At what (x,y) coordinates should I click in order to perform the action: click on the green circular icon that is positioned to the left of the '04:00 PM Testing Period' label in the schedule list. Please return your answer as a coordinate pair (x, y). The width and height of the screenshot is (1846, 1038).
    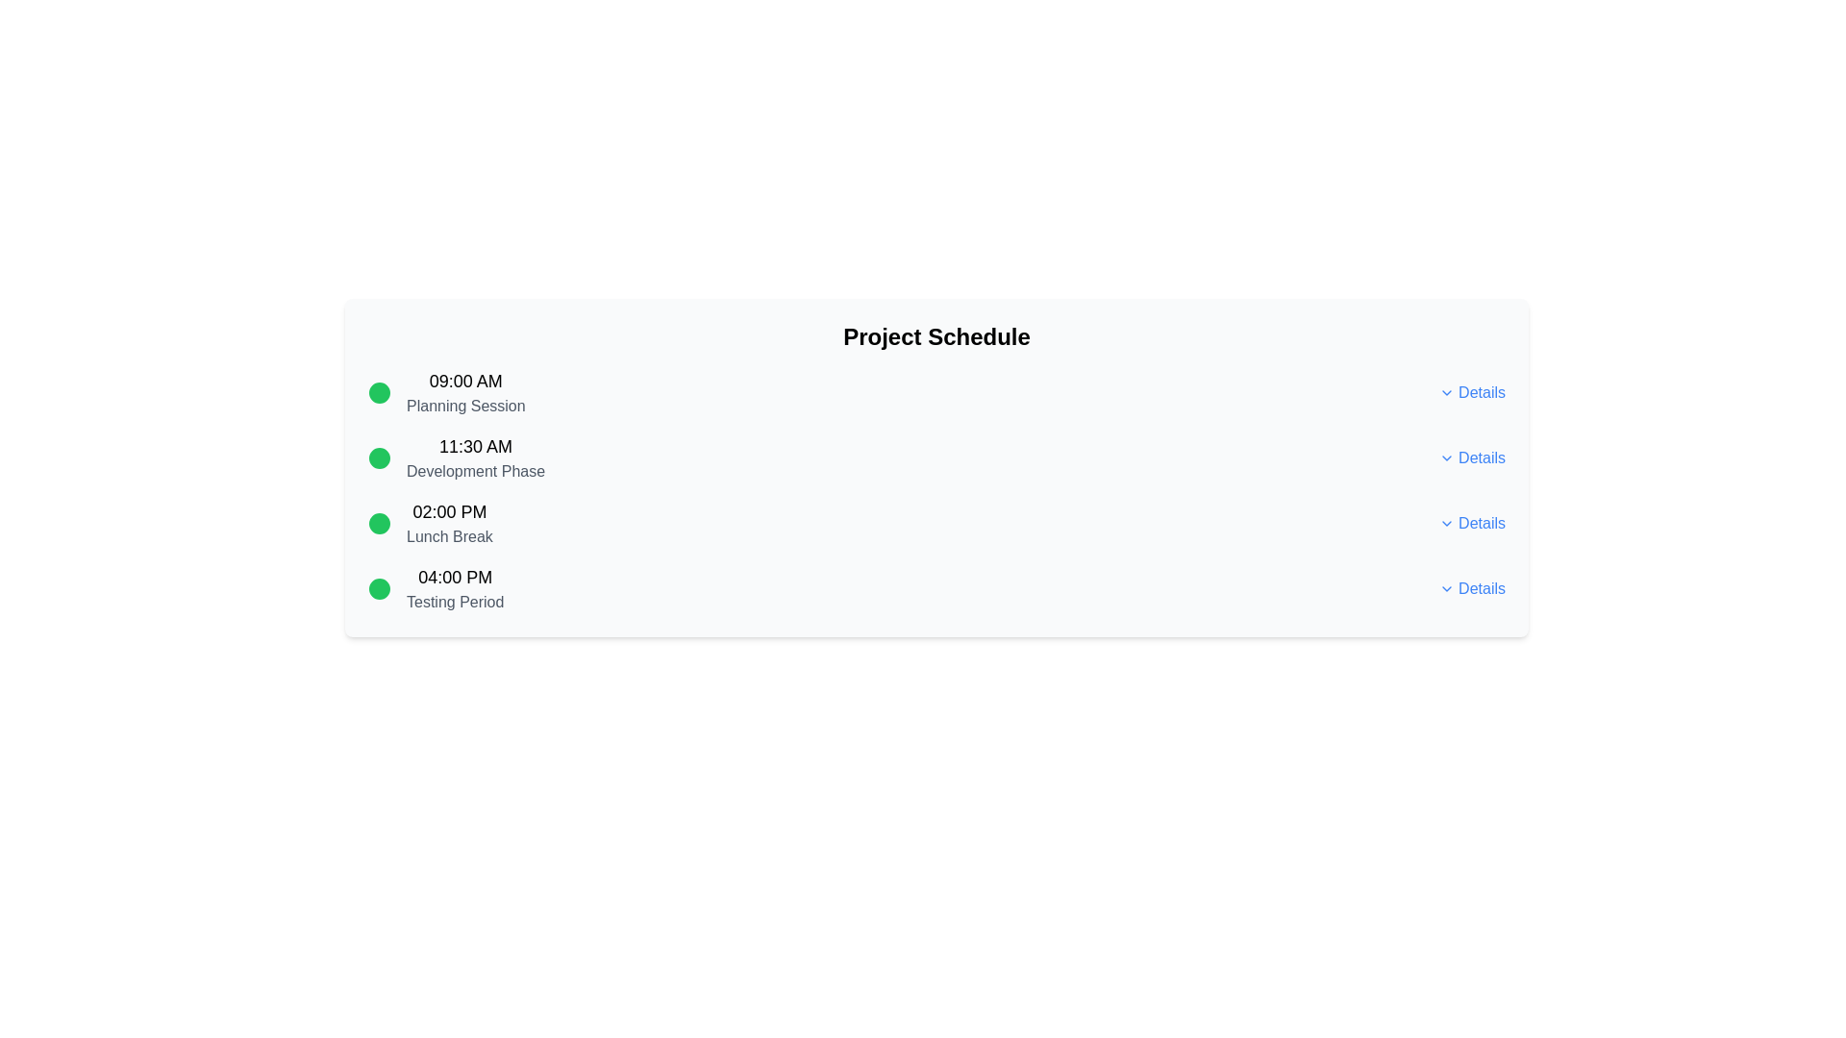
    Looking at the image, I should click on (379, 588).